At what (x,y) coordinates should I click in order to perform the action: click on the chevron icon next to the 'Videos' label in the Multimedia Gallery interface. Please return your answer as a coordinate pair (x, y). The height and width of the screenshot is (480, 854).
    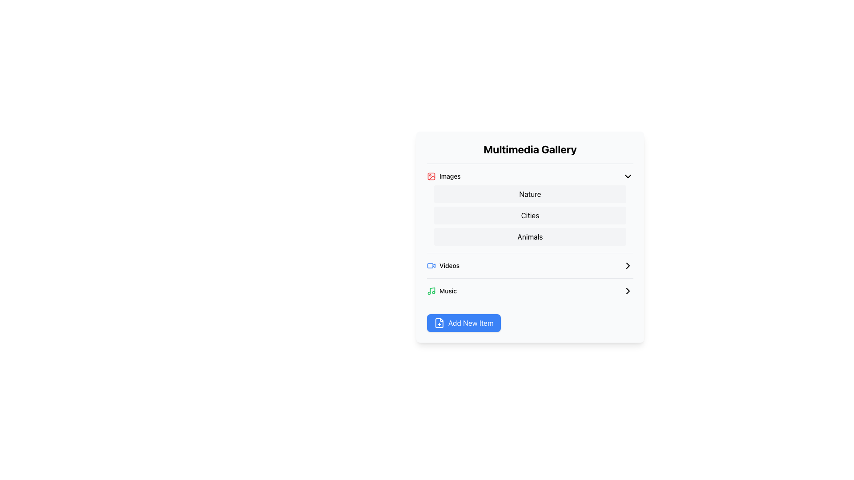
    Looking at the image, I should click on (627, 265).